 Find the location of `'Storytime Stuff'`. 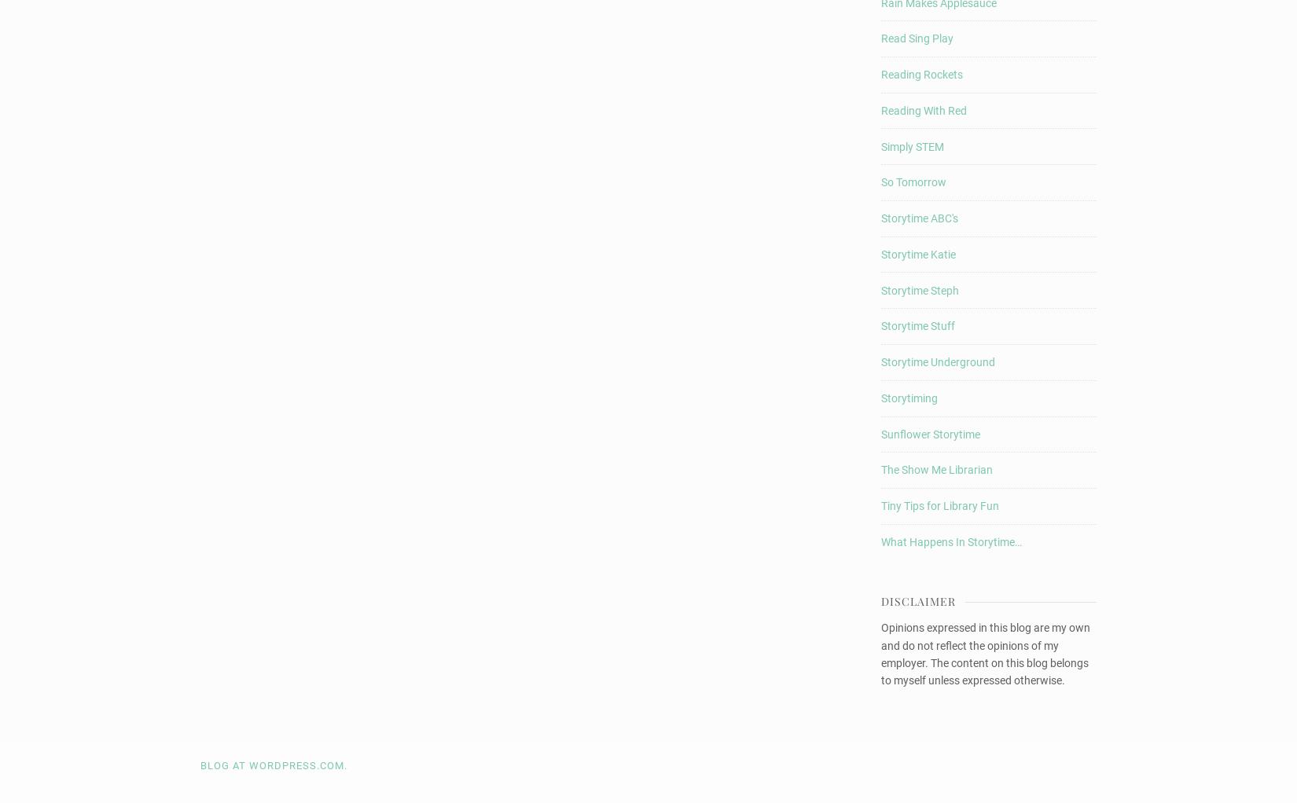

'Storytime Stuff' is located at coordinates (881, 326).